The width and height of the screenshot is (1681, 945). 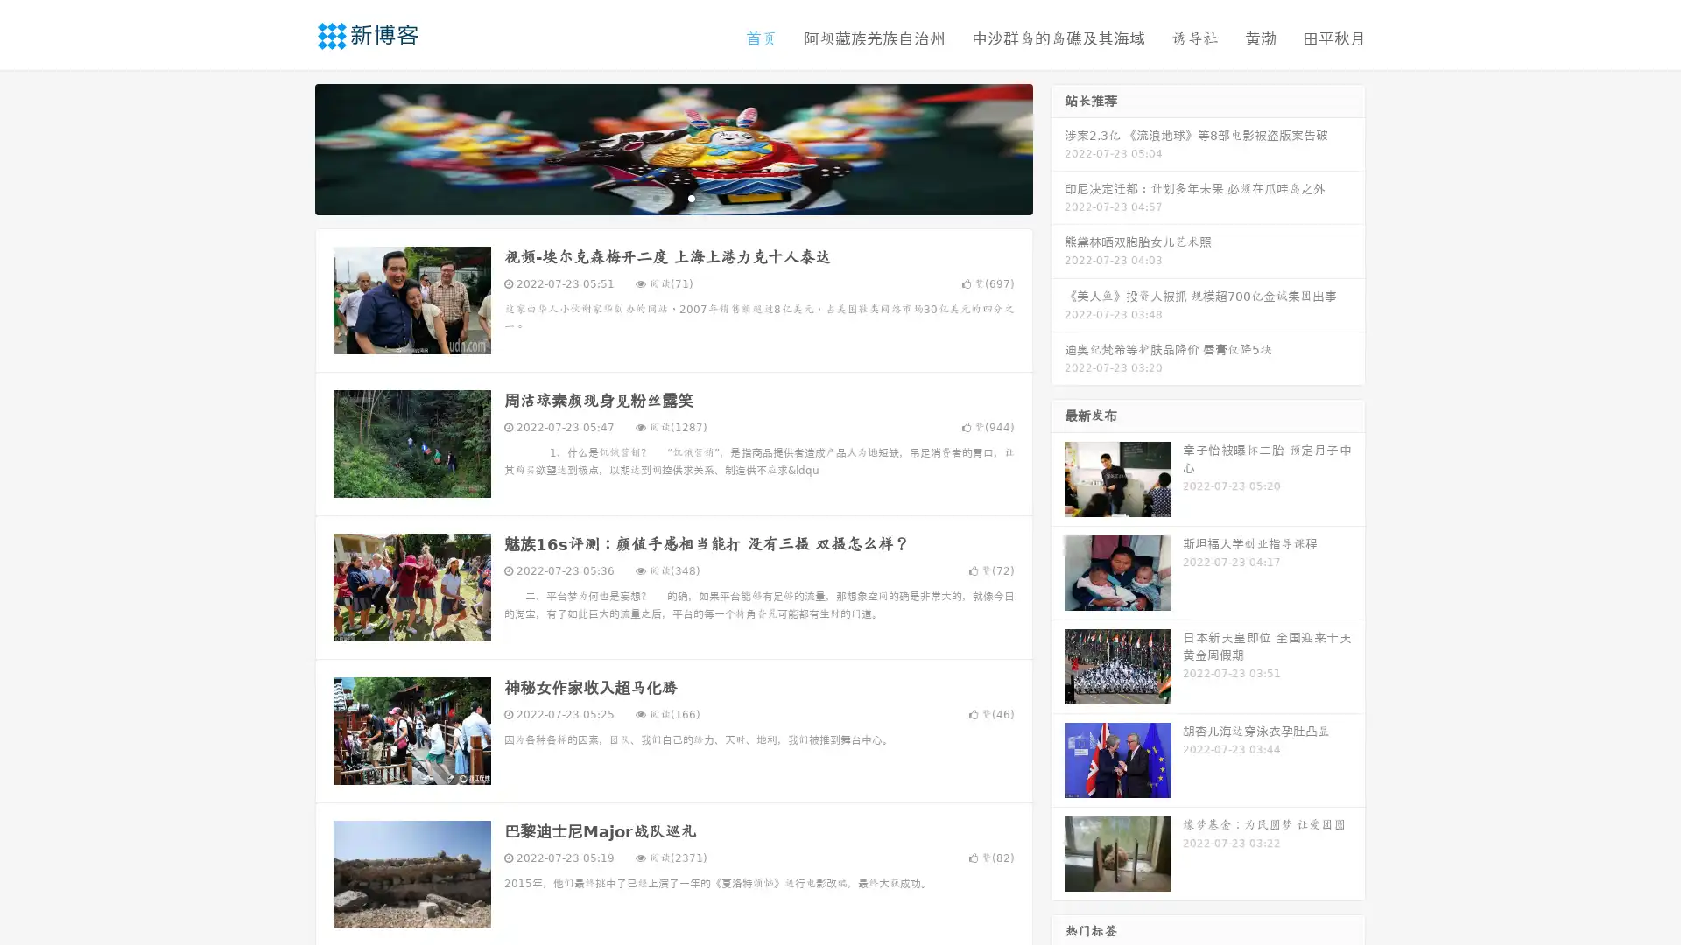 What do you see at coordinates (691, 197) in the screenshot?
I see `Go to slide 3` at bounding box center [691, 197].